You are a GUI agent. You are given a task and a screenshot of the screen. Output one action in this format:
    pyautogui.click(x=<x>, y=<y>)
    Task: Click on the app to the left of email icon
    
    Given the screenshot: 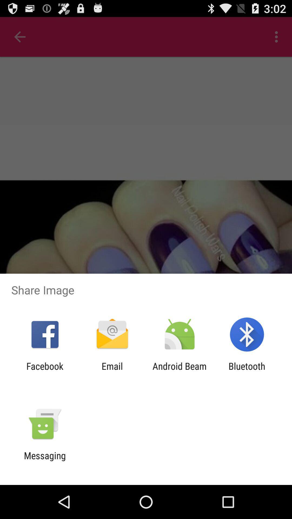 What is the action you would take?
    pyautogui.click(x=45, y=371)
    